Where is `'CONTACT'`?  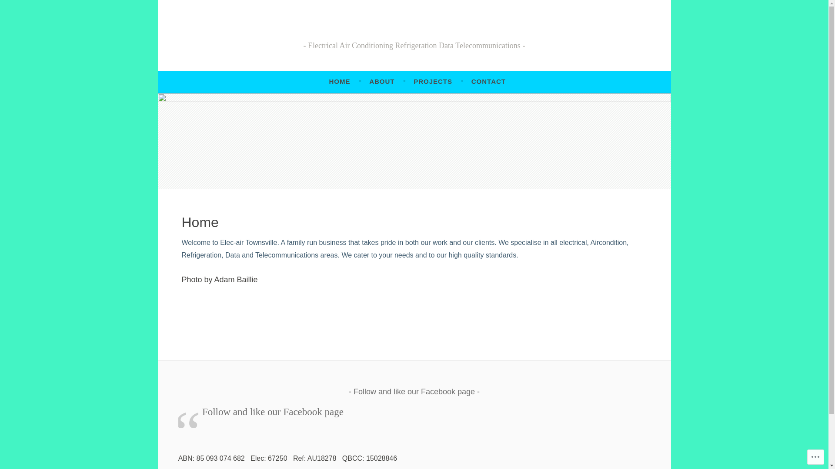
'CONTACT' is located at coordinates (488, 82).